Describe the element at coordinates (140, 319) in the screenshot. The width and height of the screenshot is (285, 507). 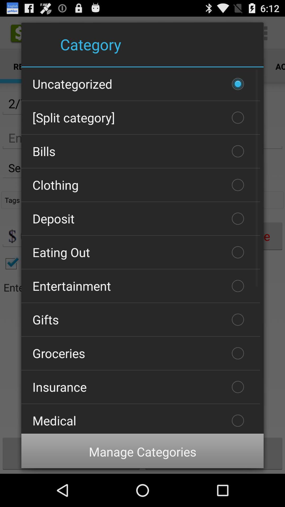
I see `checkbox below entertainment icon` at that location.